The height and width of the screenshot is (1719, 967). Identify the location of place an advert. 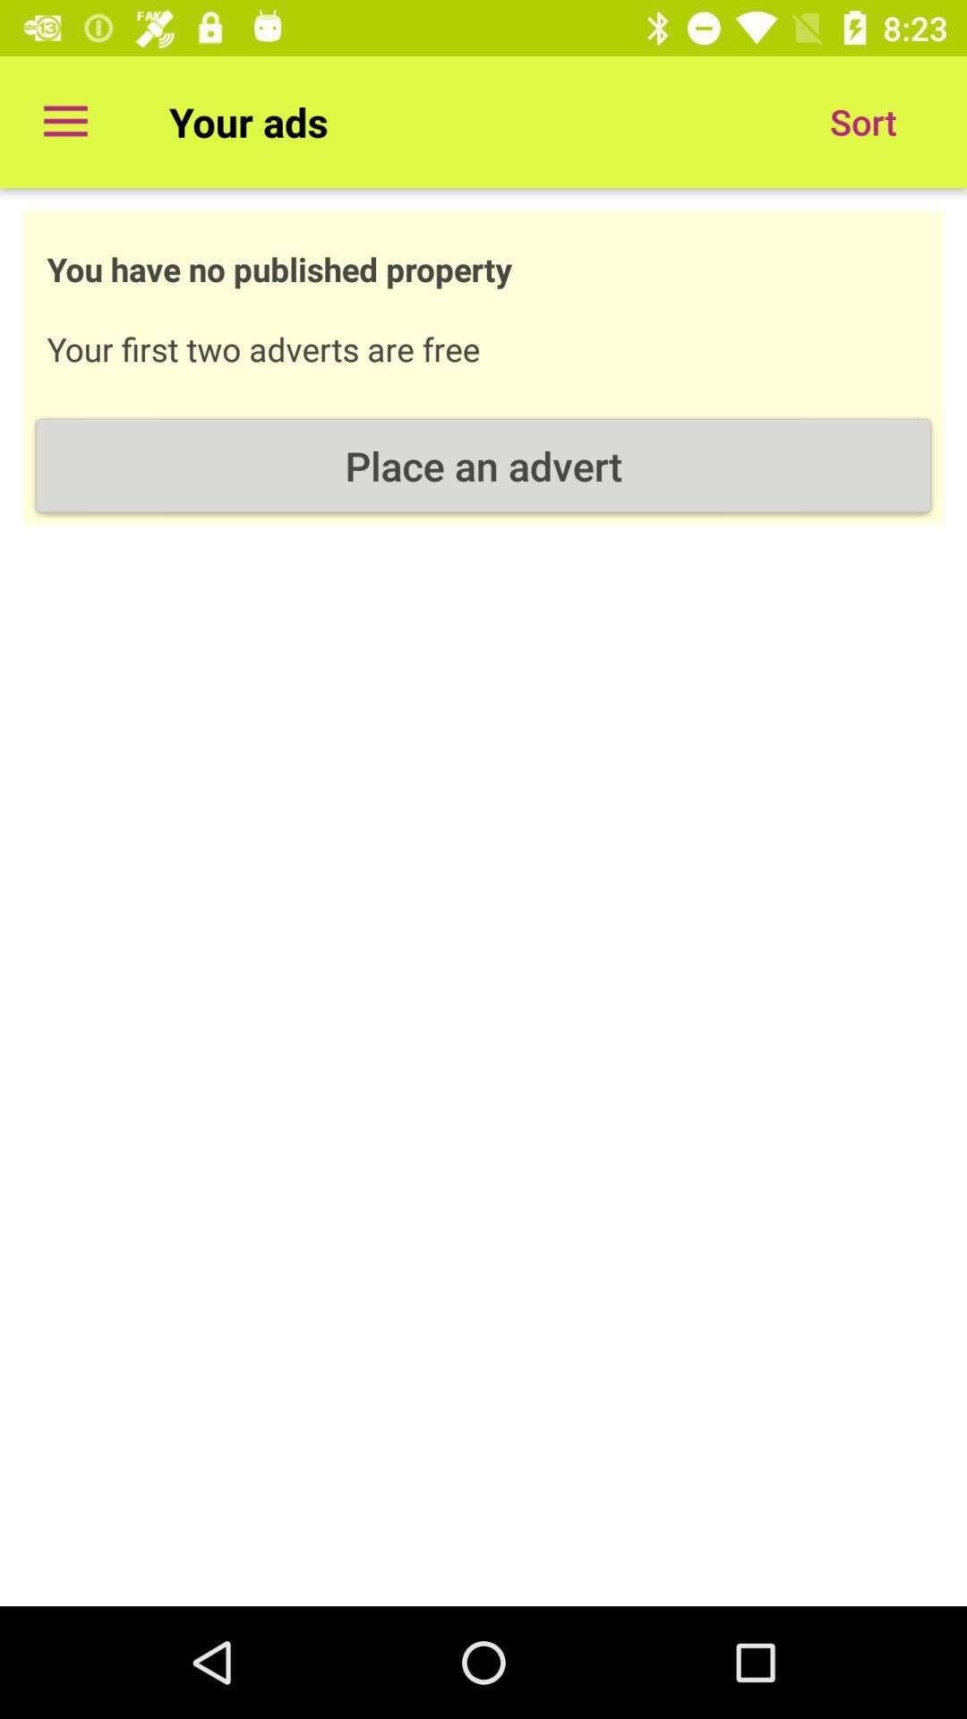
(483, 466).